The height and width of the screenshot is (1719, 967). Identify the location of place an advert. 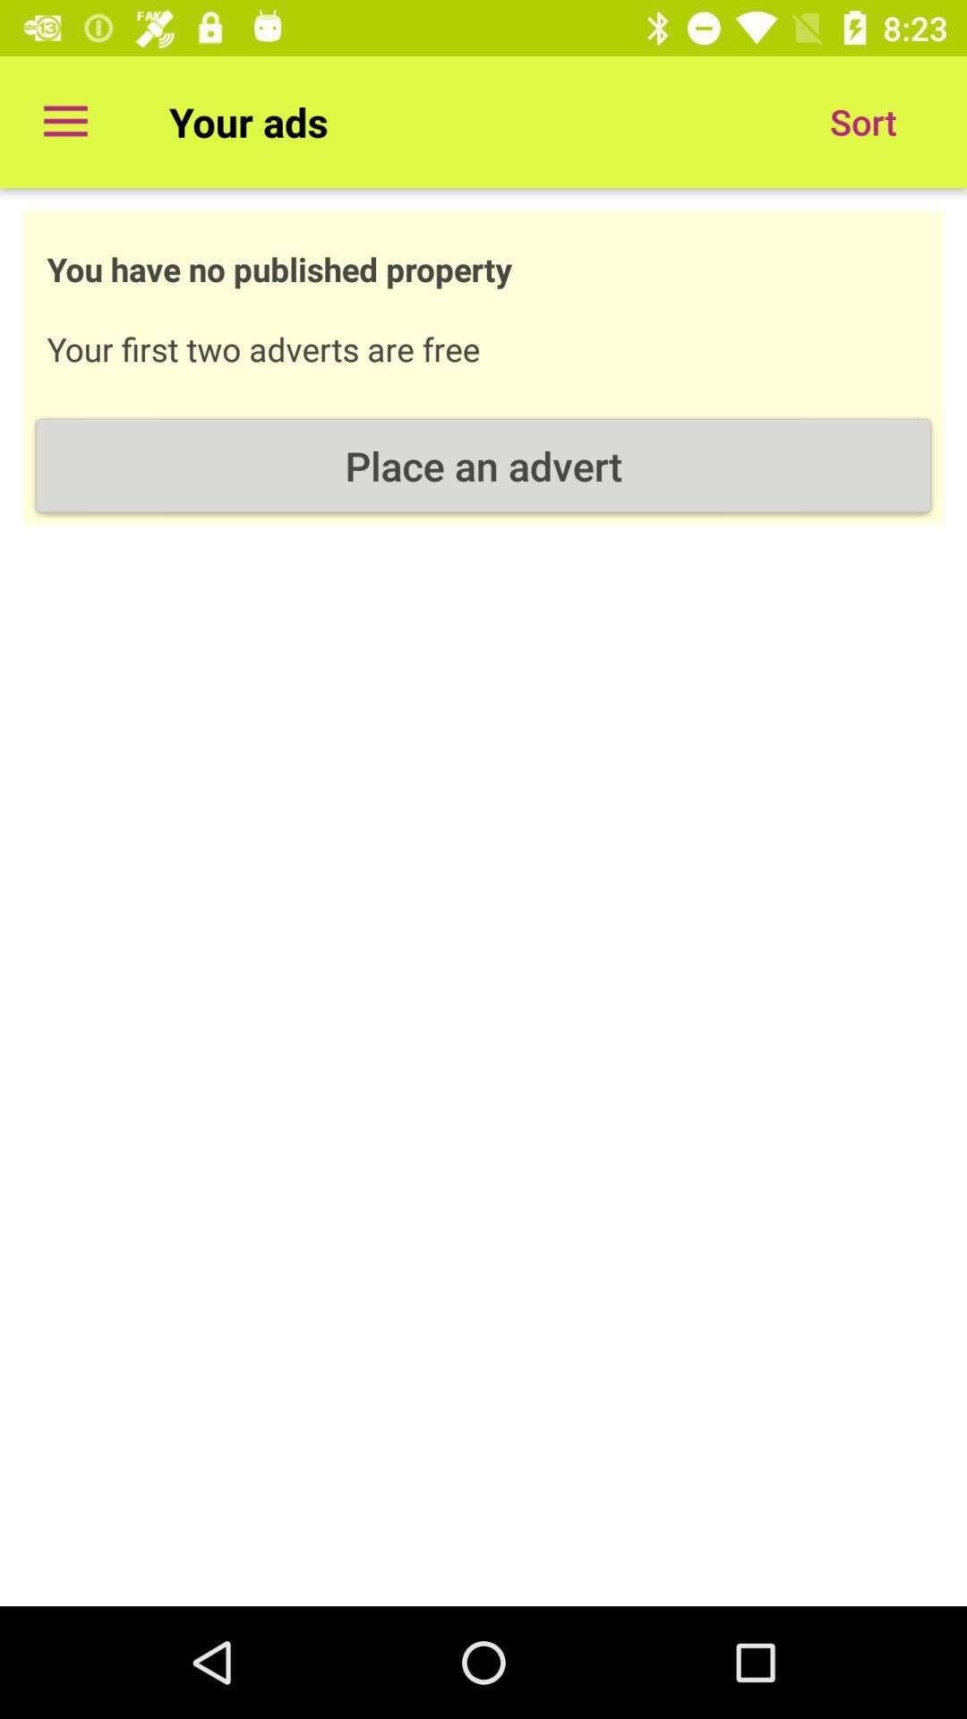
(483, 466).